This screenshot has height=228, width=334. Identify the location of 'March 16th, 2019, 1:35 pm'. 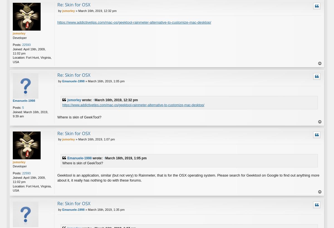
(106, 209).